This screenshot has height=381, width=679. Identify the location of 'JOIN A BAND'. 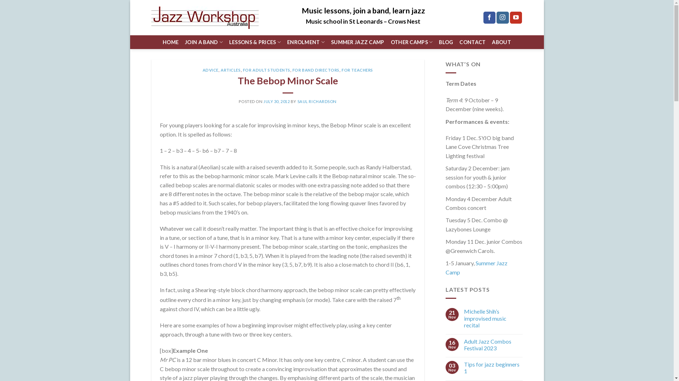
(203, 42).